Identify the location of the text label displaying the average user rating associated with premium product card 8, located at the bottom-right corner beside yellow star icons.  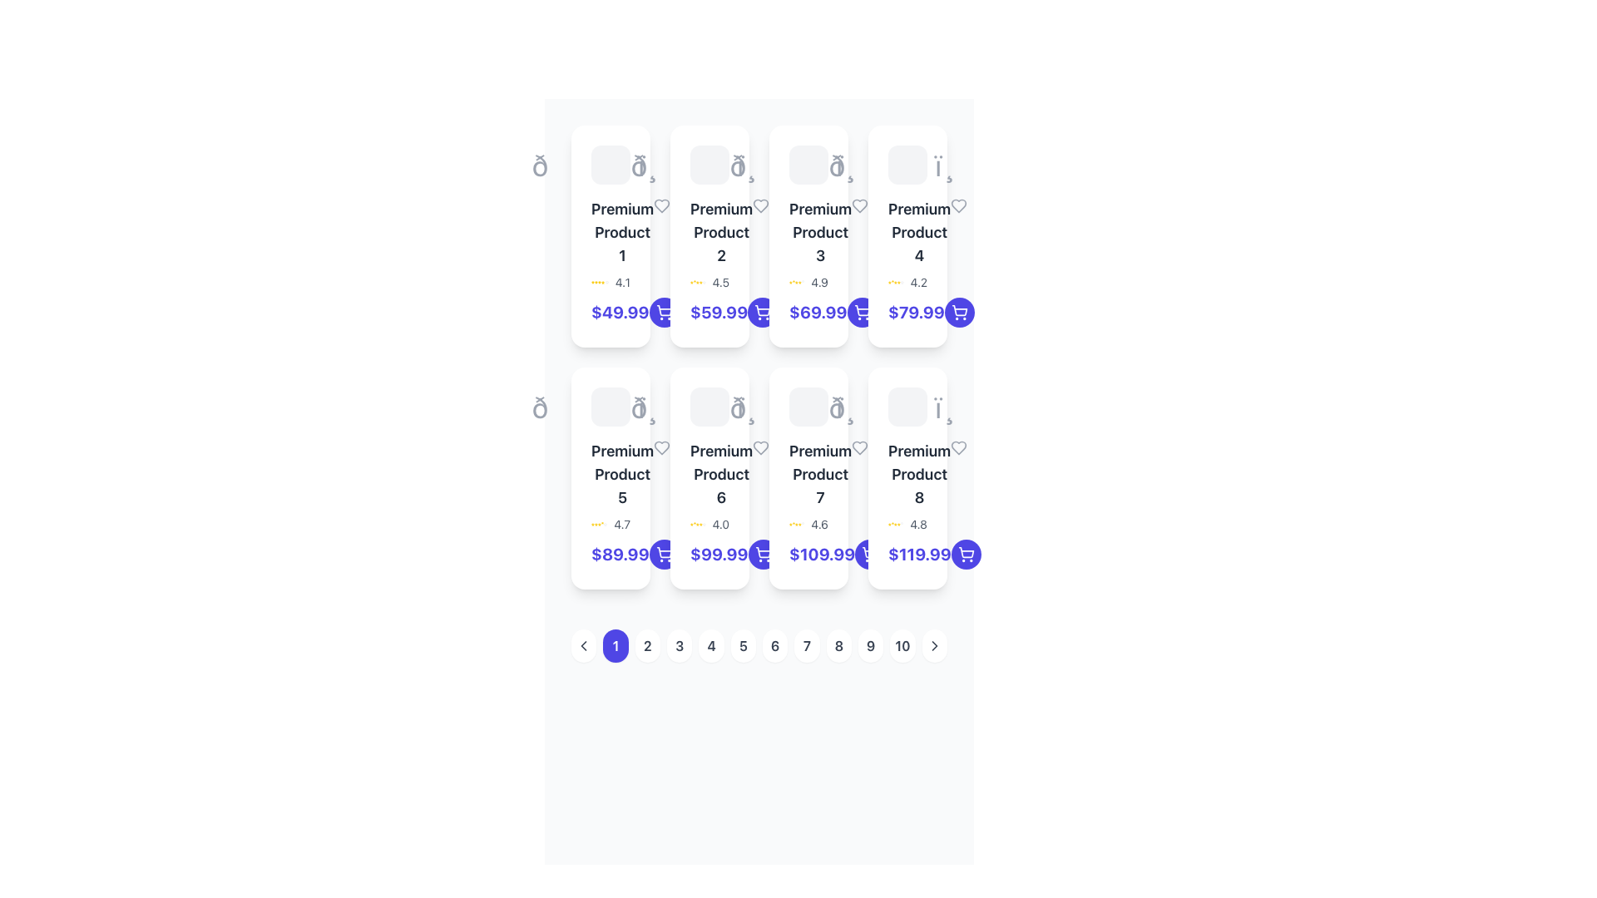
(917, 525).